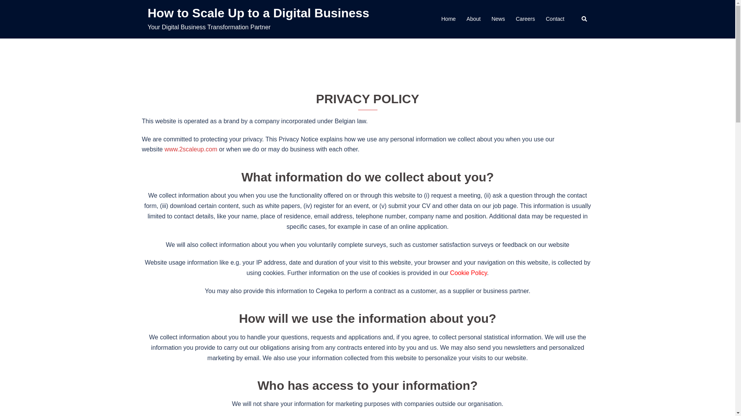  What do you see at coordinates (147, 13) in the screenshot?
I see `'How to Scale Up to a Digital Business'` at bounding box center [147, 13].